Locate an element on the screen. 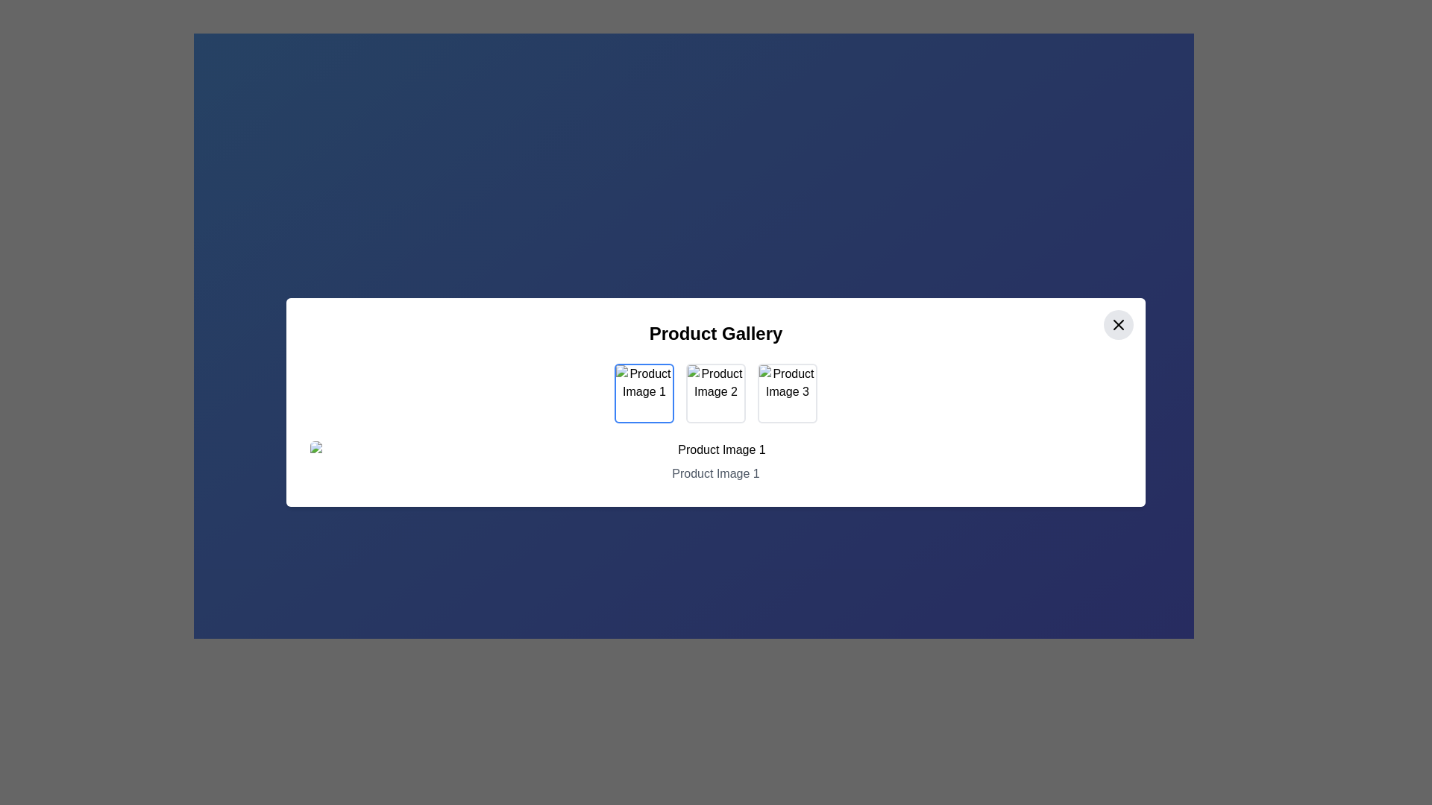  the image thumbnail representing the third product in the gallery is located at coordinates (787, 393).